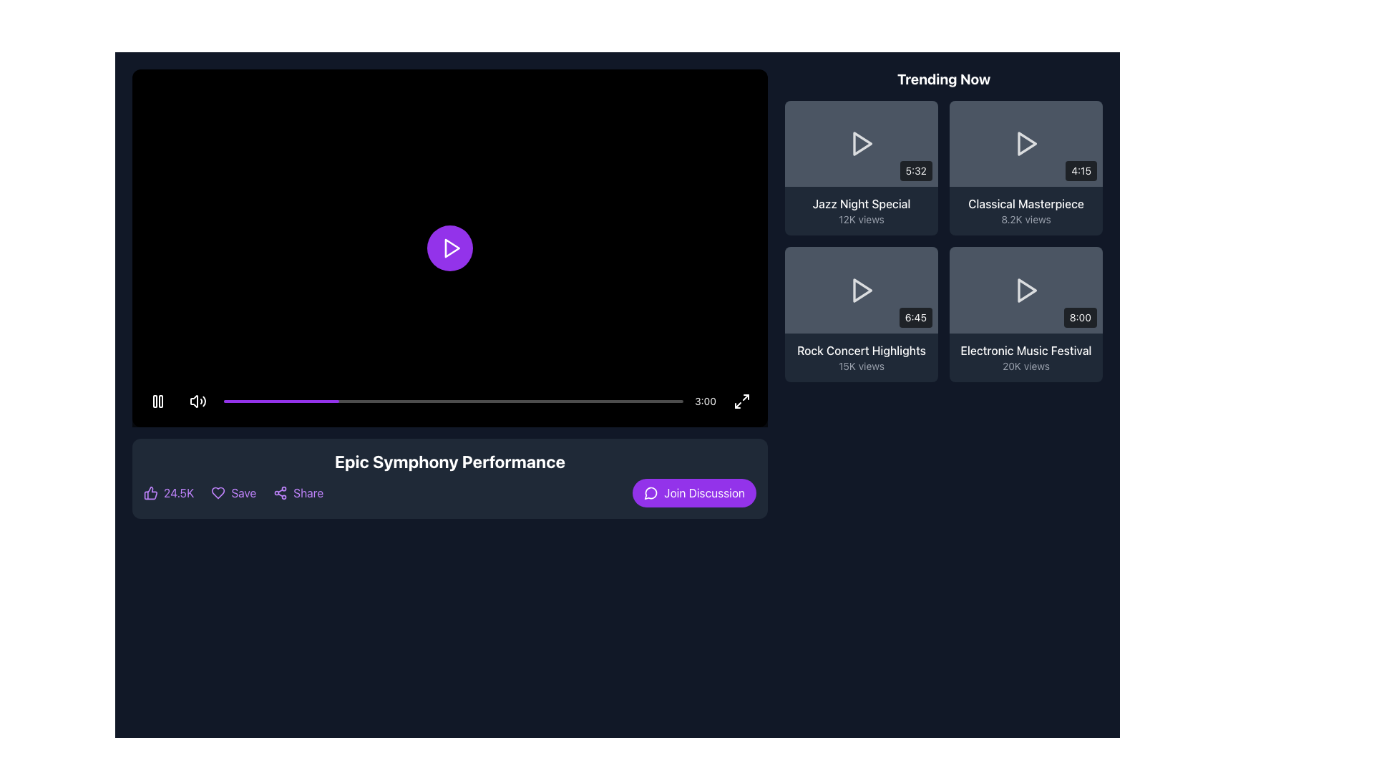 The height and width of the screenshot is (773, 1374). I want to click on the Interactive video card in the trending section, so click(1025, 143).